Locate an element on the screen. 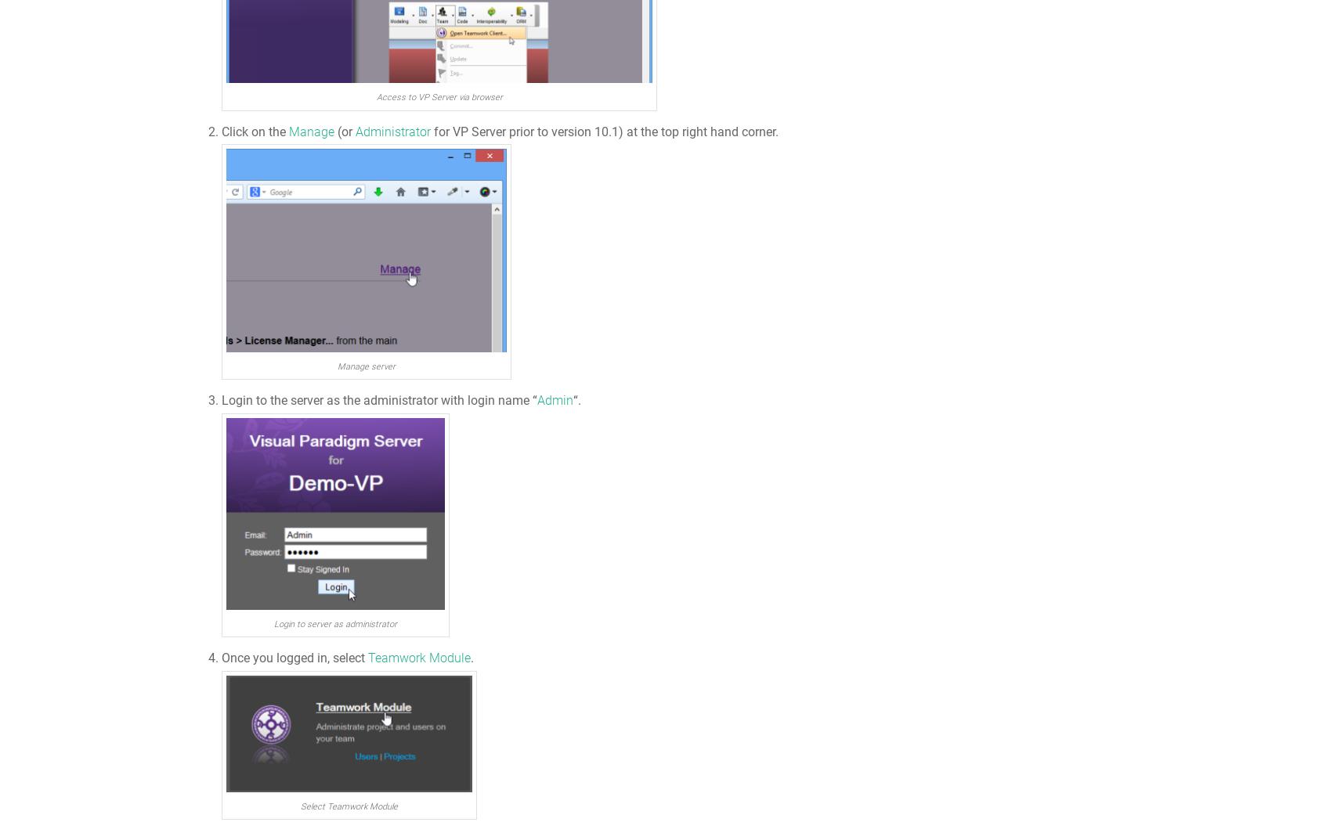 The image size is (1319, 833). 'Manage server' is located at coordinates (365, 366).